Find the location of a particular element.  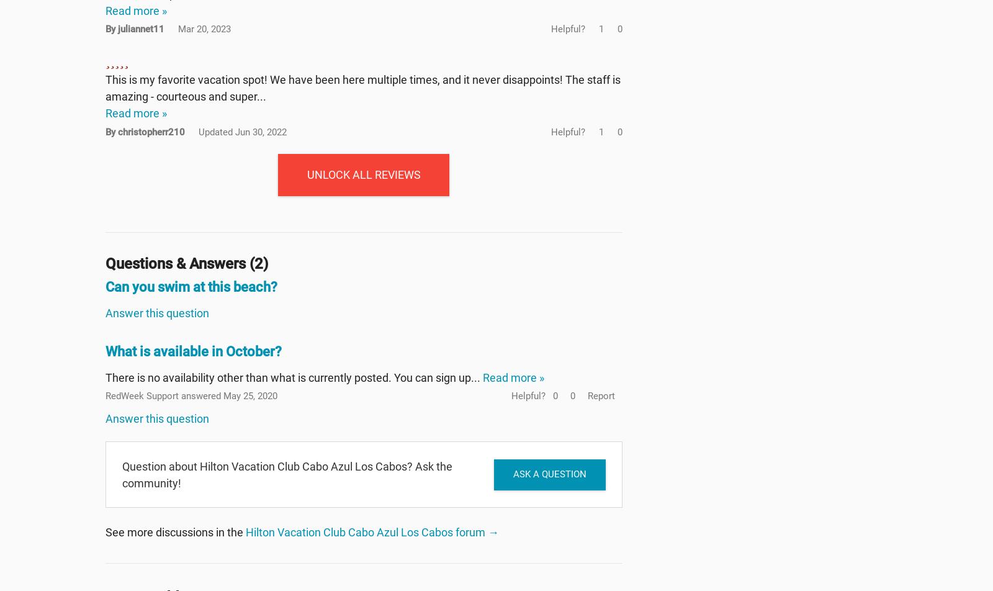

'What is available in October?' is located at coordinates (104, 351).